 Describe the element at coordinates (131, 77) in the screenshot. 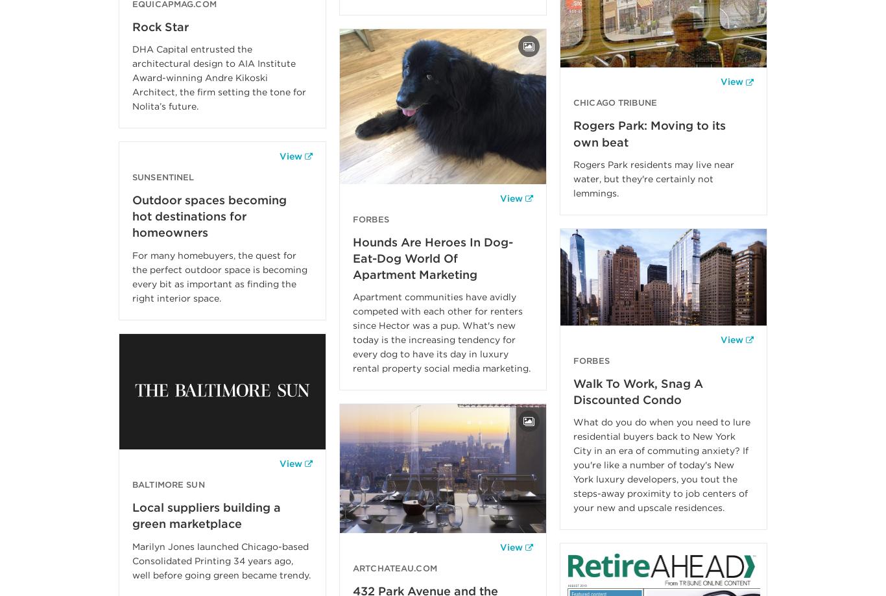

I see `'DHA Capital entrusted the architectural design to AIA Institute Award-winning Andre Kikoski Architect, the firm setting the tone for Nolita’s future.'` at that location.